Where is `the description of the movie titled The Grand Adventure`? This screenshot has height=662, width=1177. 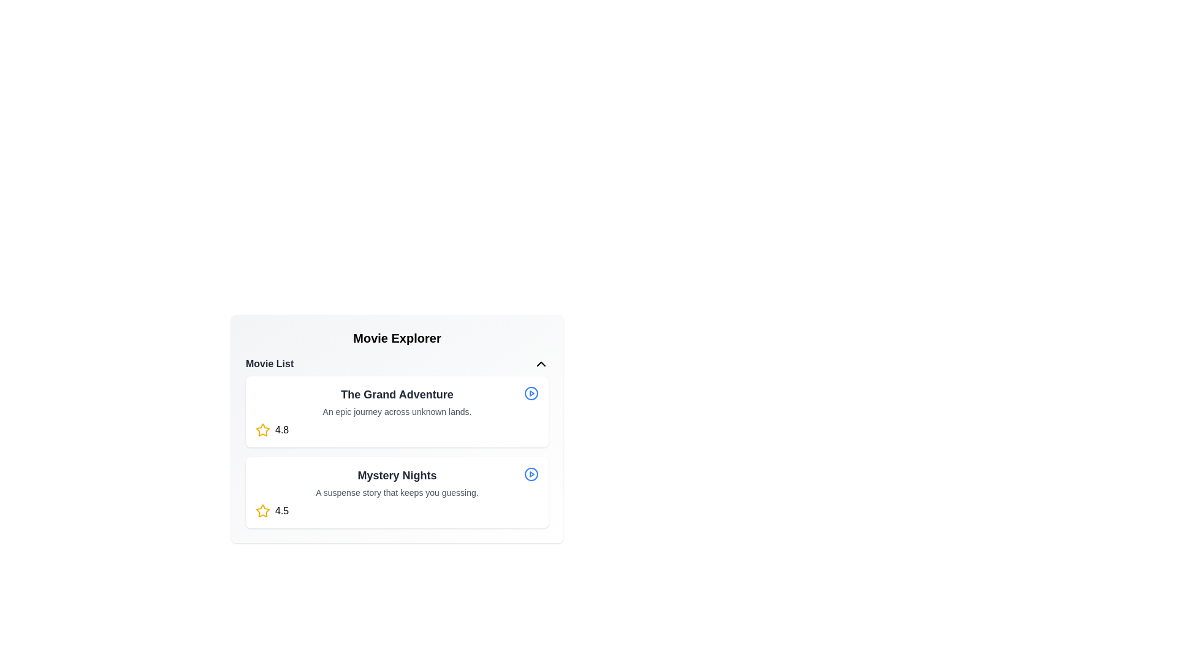
the description of the movie titled The Grand Adventure is located at coordinates (397, 411).